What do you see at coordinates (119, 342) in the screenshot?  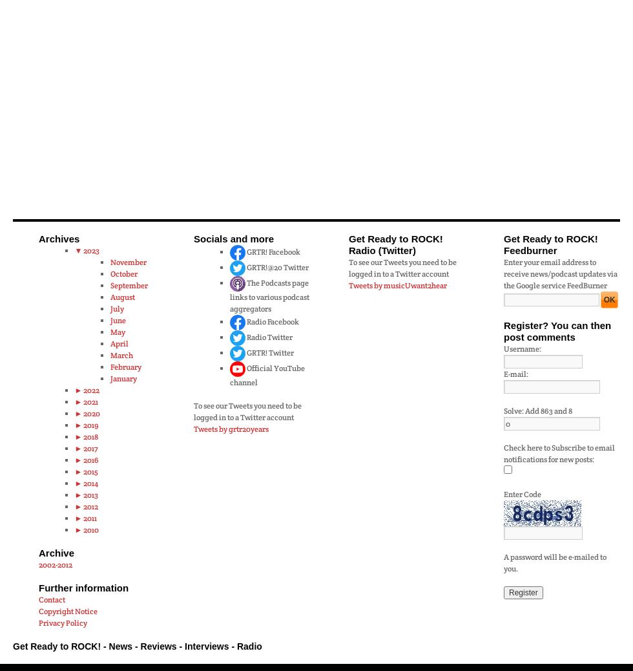 I see `'April'` at bounding box center [119, 342].